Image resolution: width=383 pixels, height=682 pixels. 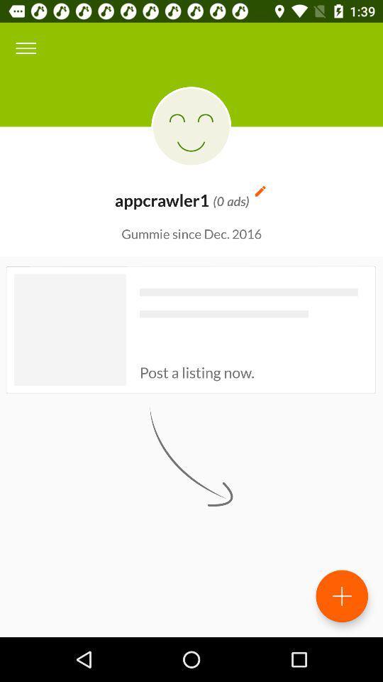 I want to click on icon at the top left corner, so click(x=26, y=48).